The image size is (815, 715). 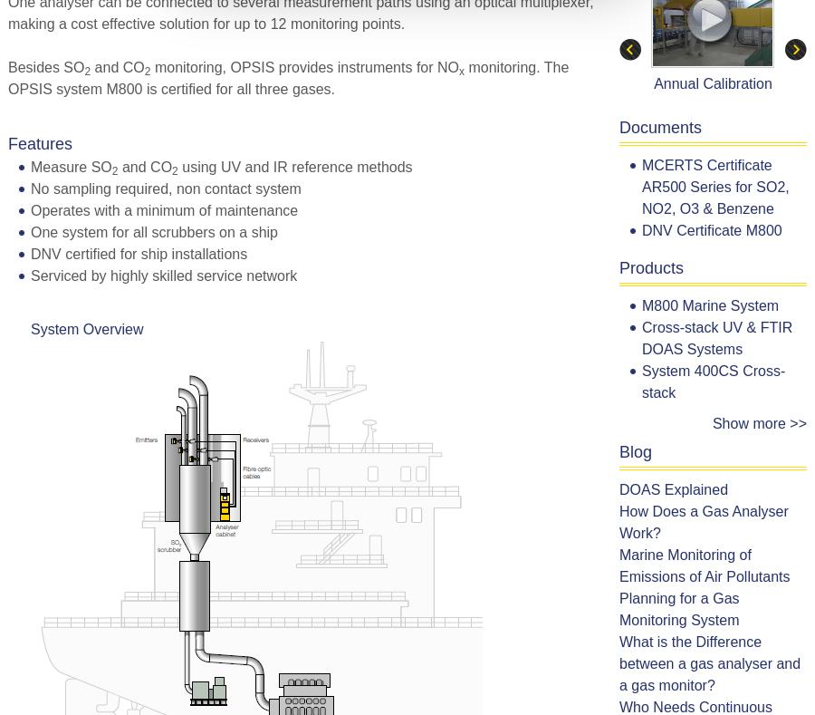 What do you see at coordinates (163, 275) in the screenshot?
I see `'Serviced by highly skilled service network'` at bounding box center [163, 275].